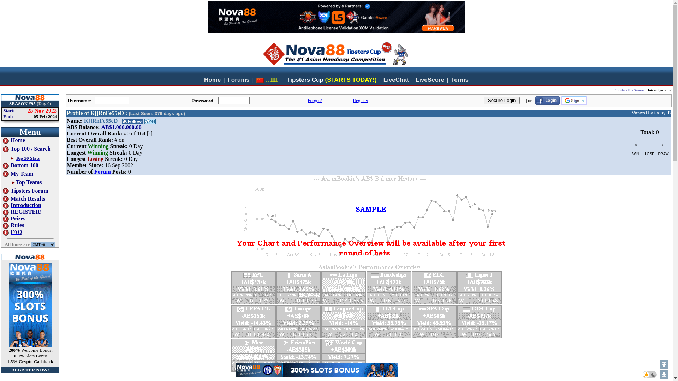  What do you see at coordinates (396, 79) in the screenshot?
I see `'LiveChat'` at bounding box center [396, 79].